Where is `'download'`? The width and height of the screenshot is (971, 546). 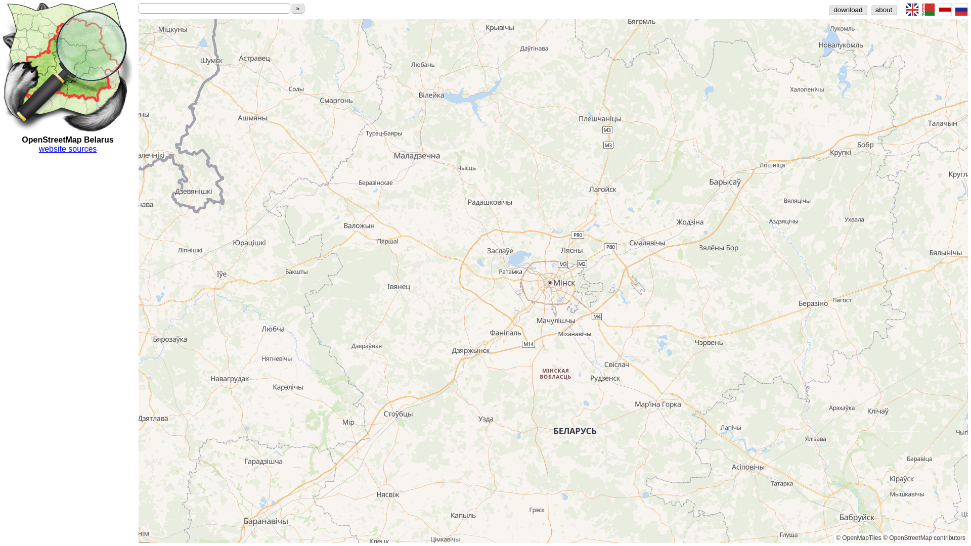
'download' is located at coordinates (848, 10).